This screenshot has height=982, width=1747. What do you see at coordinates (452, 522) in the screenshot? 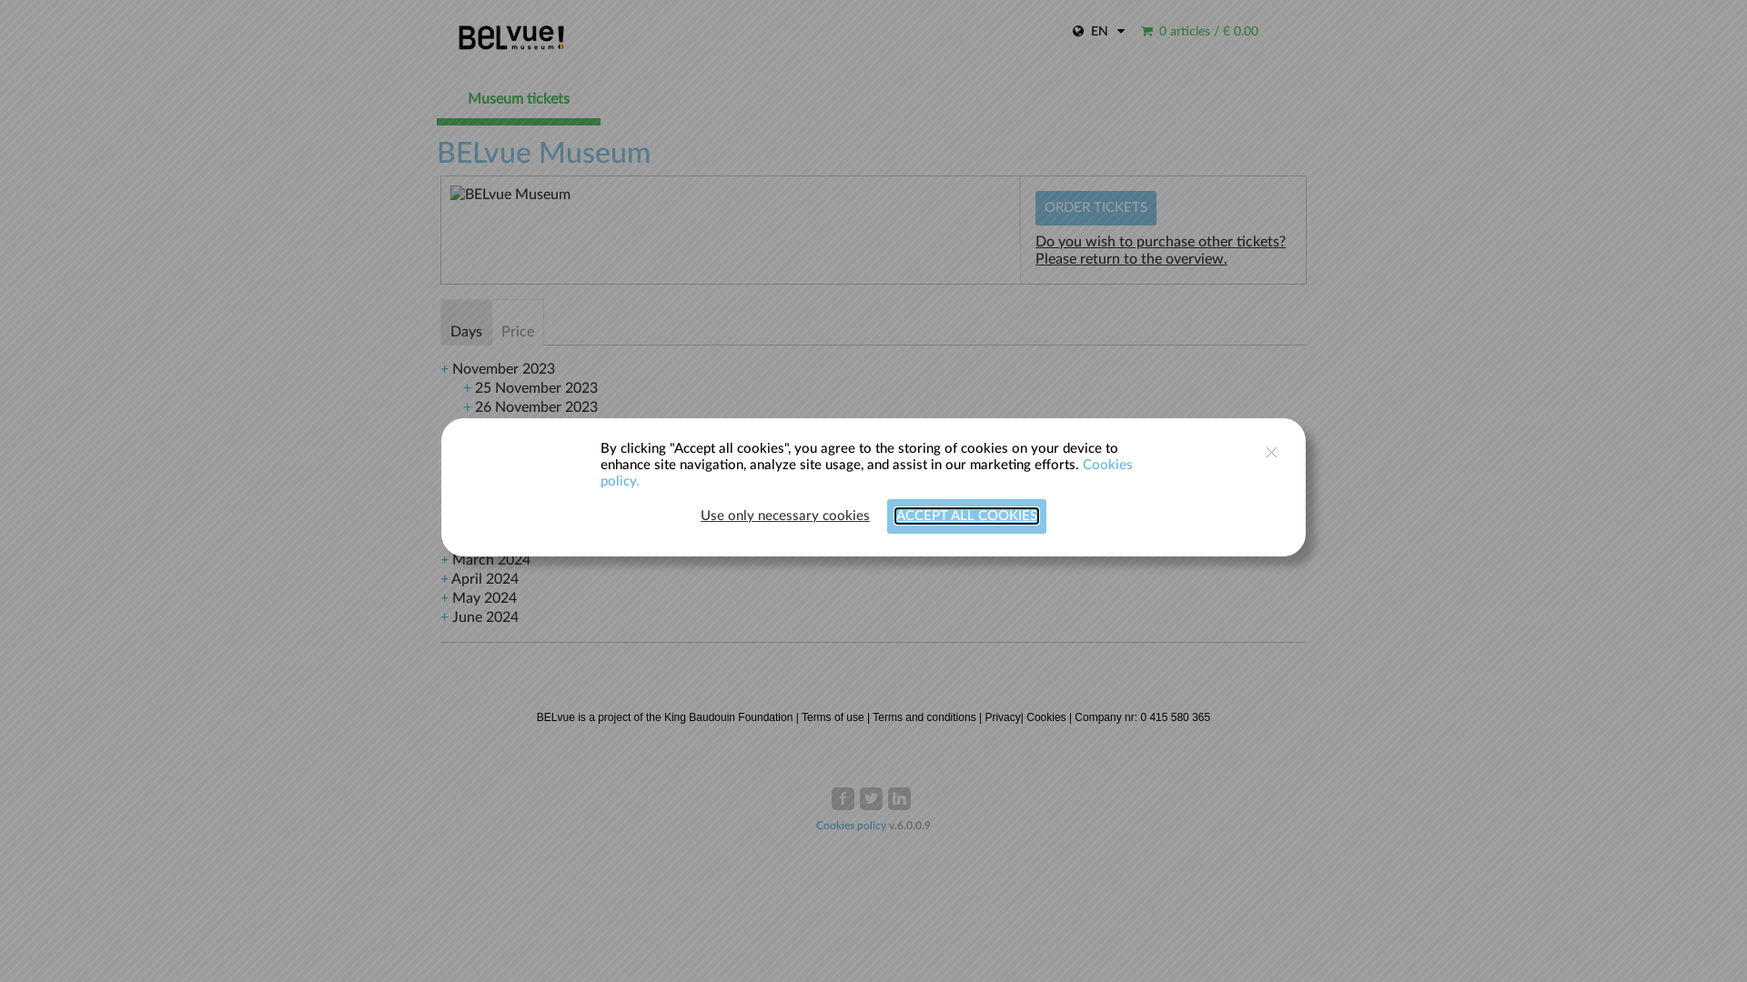
I see `'January 2024'` at bounding box center [452, 522].